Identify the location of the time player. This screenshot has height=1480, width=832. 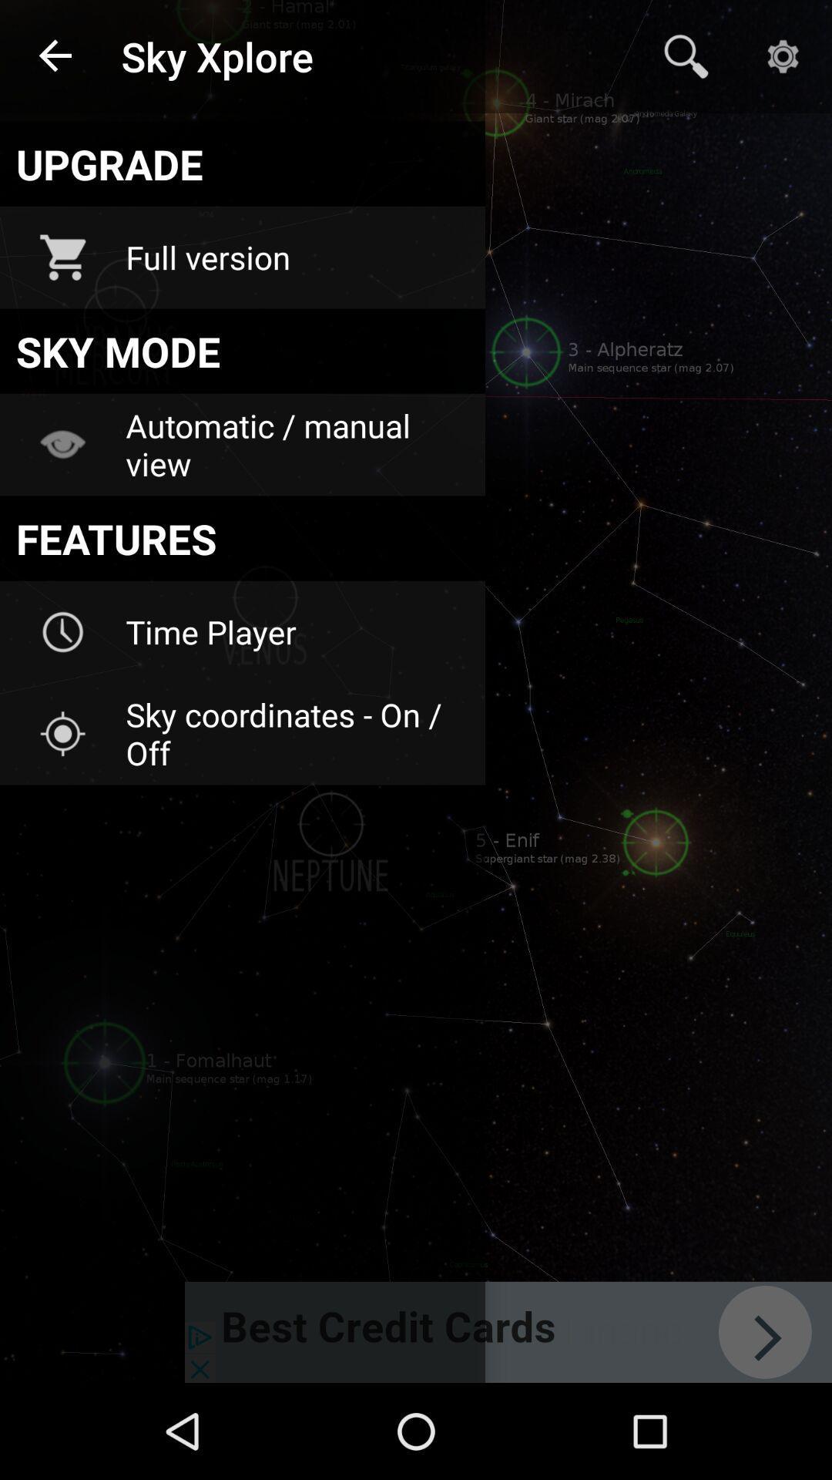
(295, 632).